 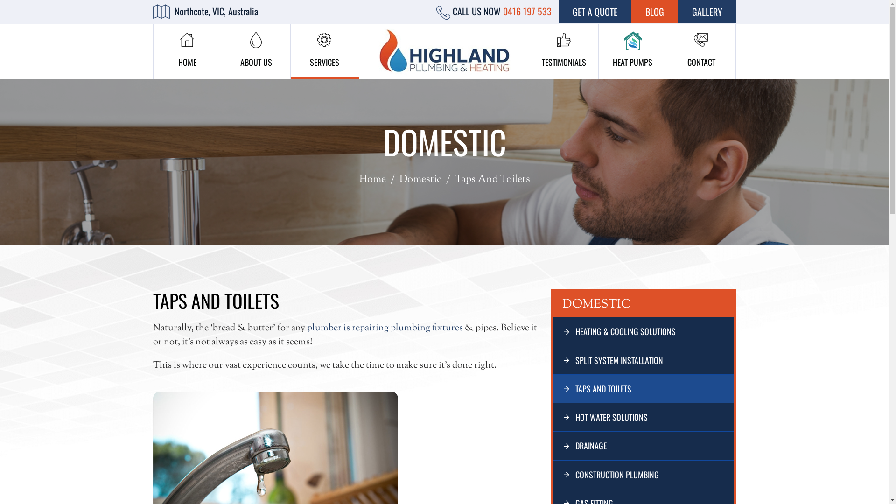 I want to click on 'ABOUT US', so click(x=256, y=51).